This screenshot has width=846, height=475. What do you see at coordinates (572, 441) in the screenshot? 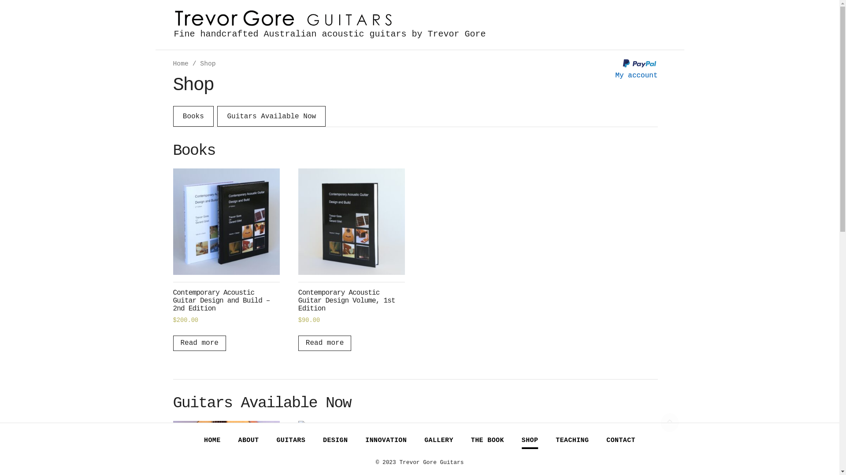
I see `'TEACHING'` at bounding box center [572, 441].